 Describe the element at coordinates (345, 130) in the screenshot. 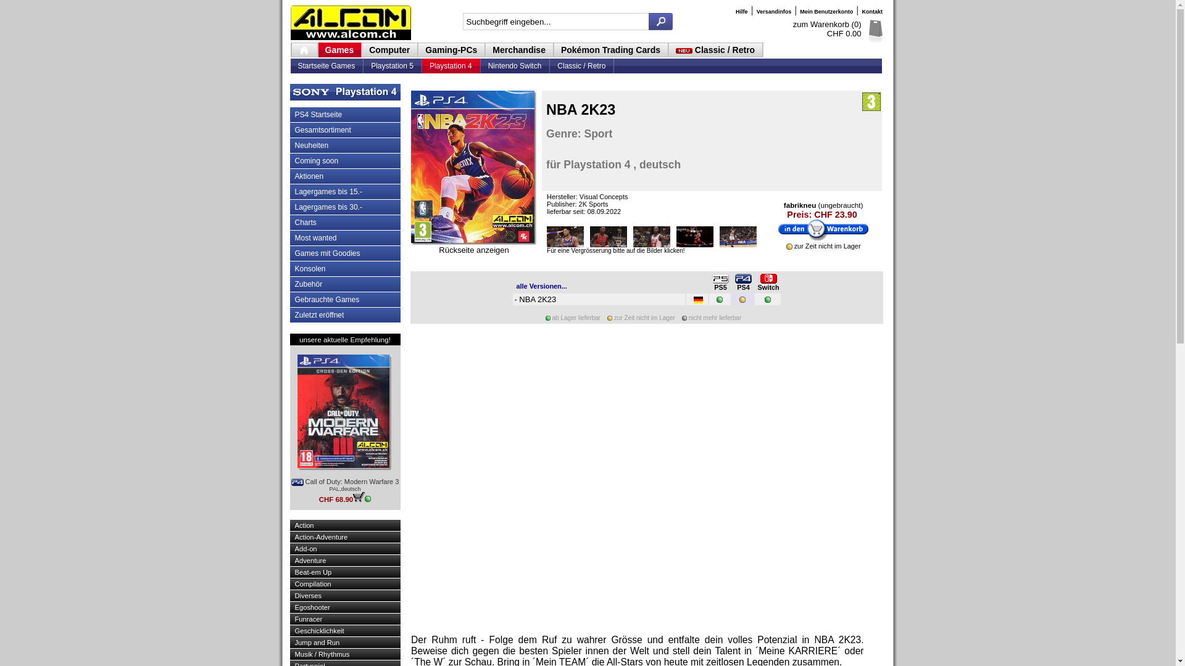

I see `'Gesamtsortiment'` at that location.